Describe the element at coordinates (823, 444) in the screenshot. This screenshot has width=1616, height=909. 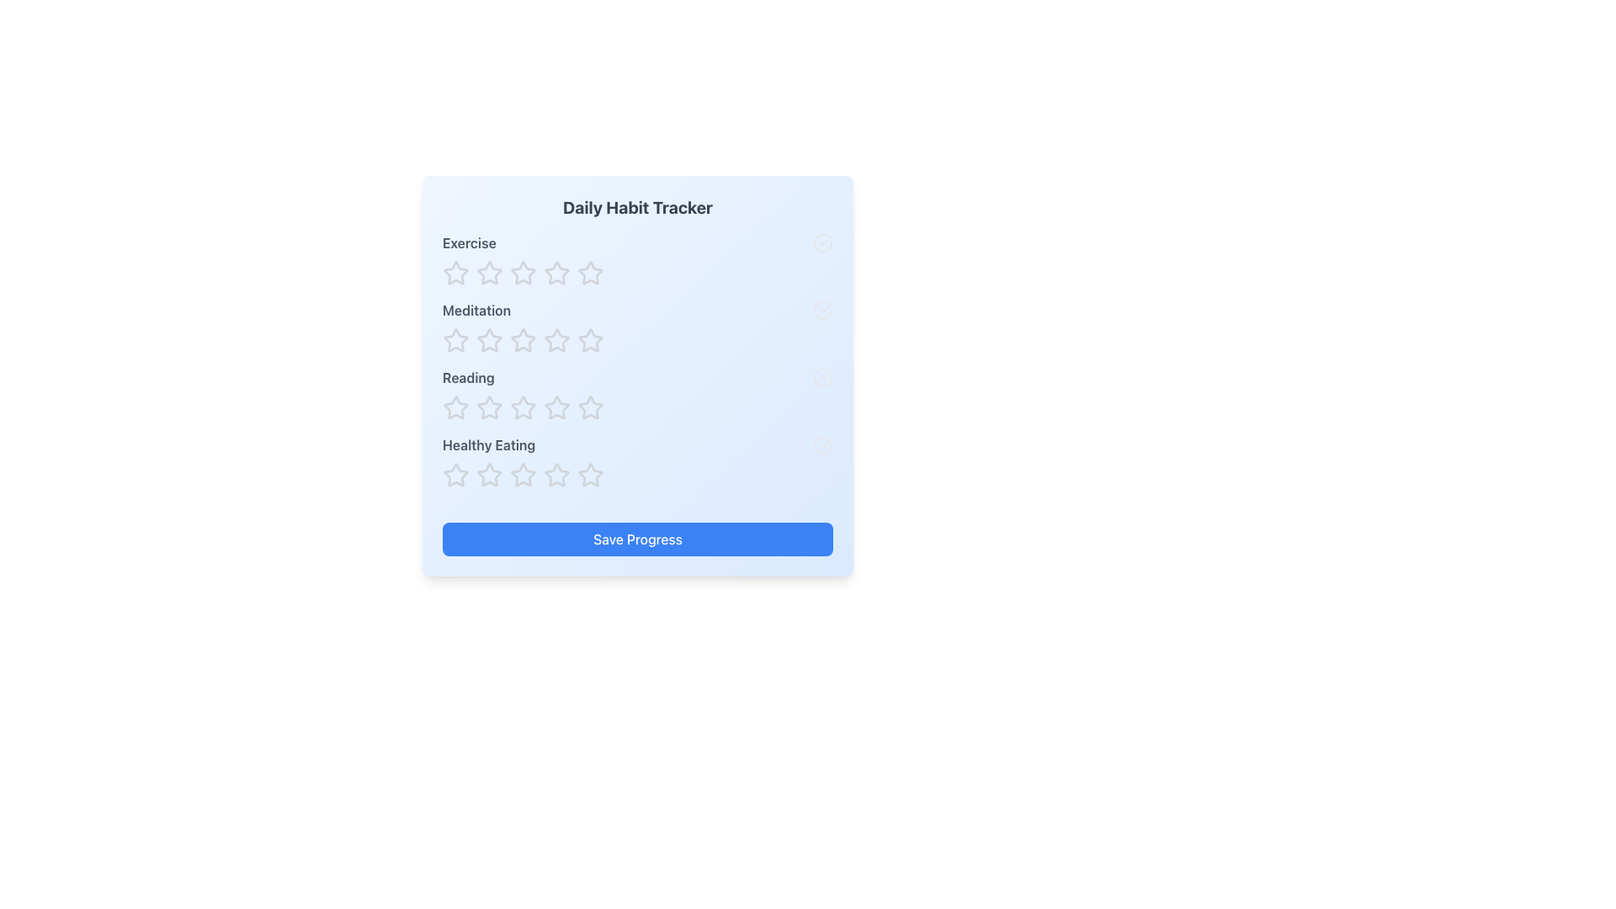
I see `the SVG graphic representation indicating the completion status of the 'Healthy Eating' habit, located directly to the right of the 'Healthy Eating' row in the habit tracker layout` at that location.